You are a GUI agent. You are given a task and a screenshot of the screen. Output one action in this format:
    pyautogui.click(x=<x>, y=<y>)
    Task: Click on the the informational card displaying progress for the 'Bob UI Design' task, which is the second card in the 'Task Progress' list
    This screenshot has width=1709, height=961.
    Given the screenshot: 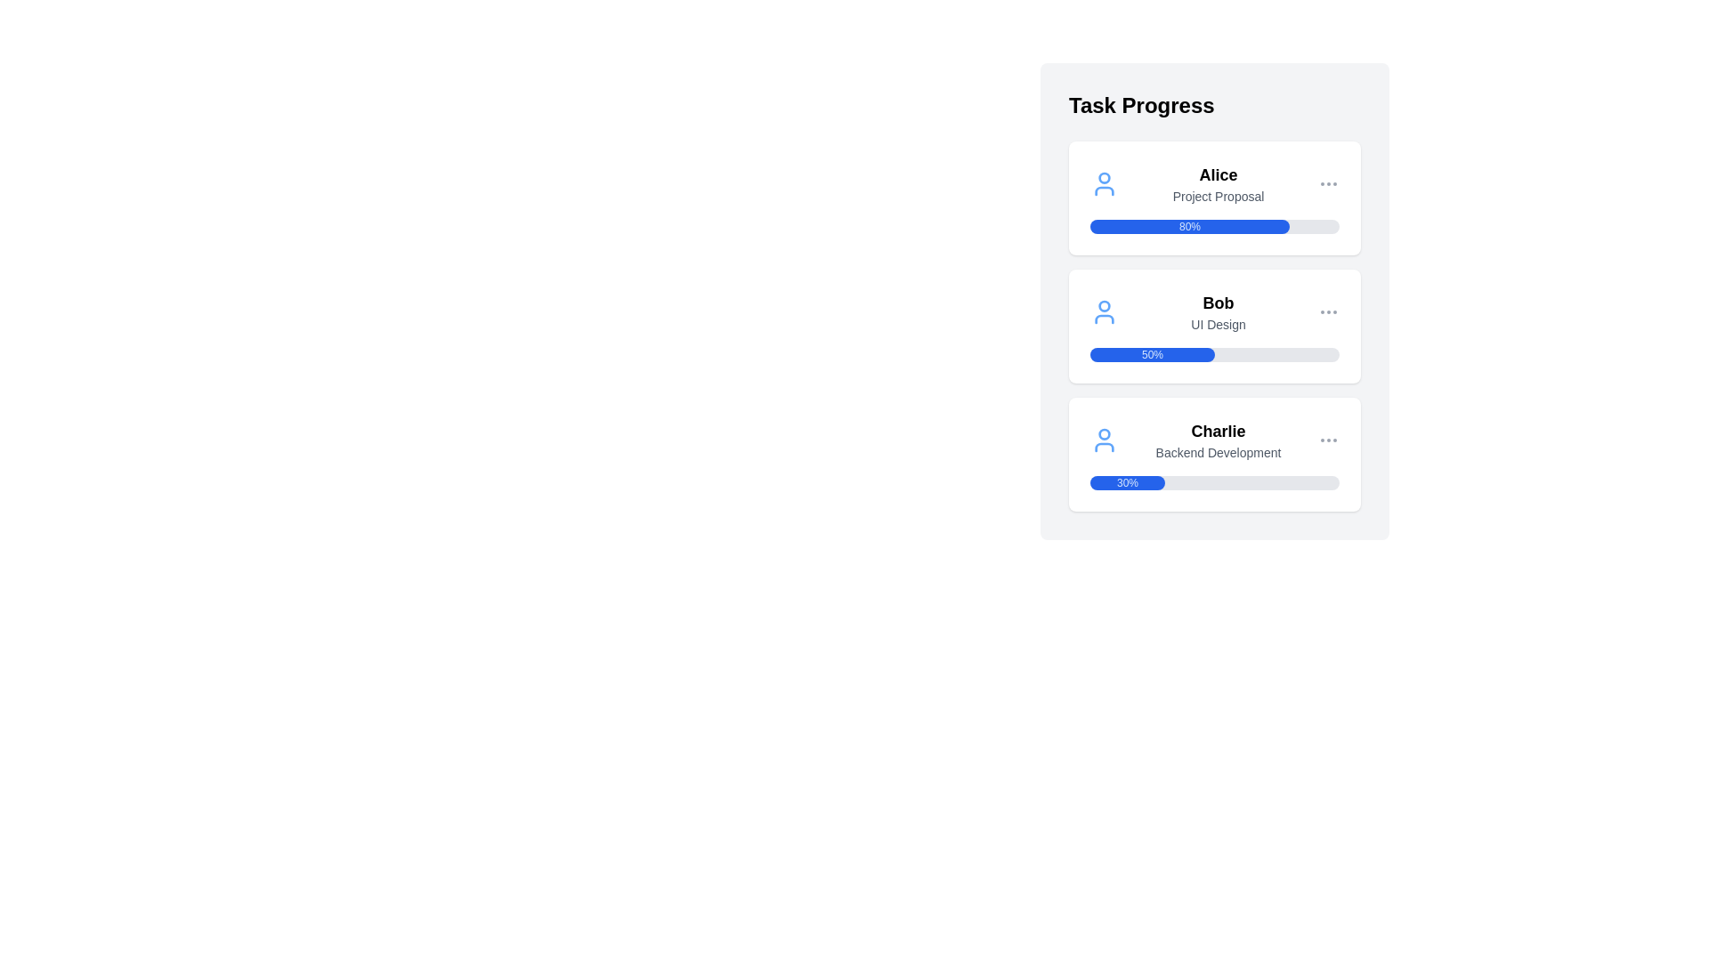 What is the action you would take?
    pyautogui.click(x=1213, y=326)
    